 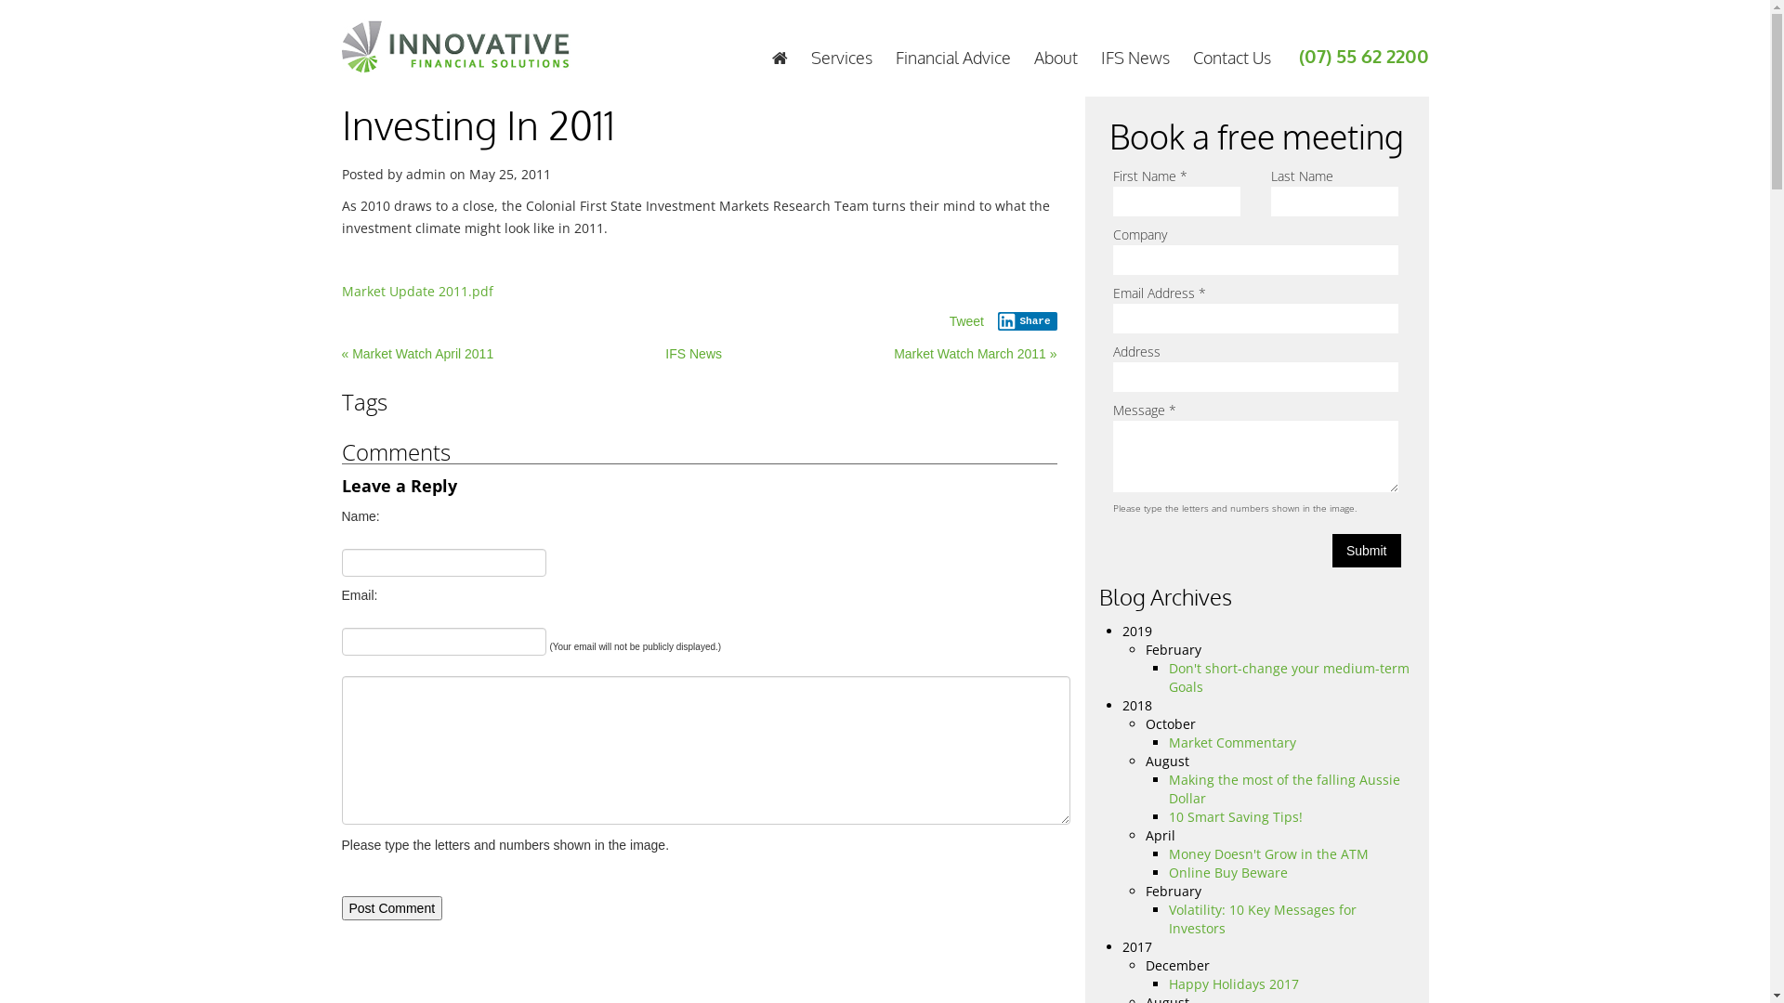 I want to click on '(07) 55 62 2200', so click(x=1364, y=55).